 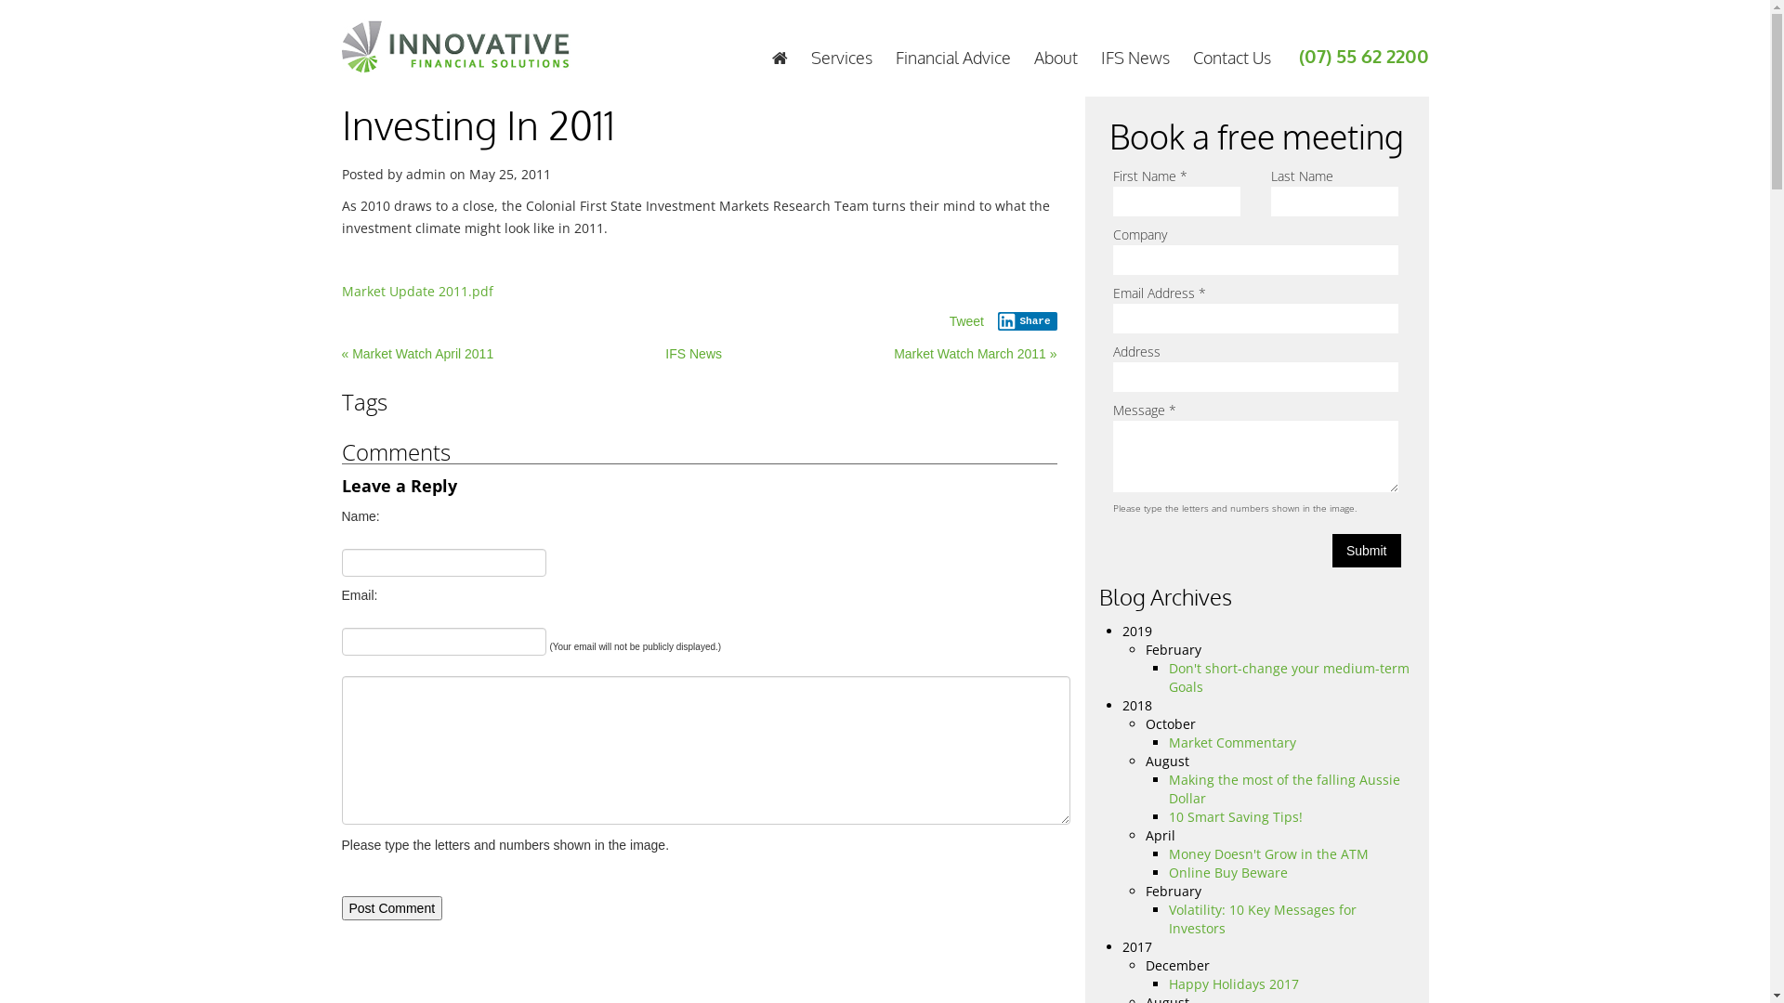 I want to click on '(07) 55 62 2200', so click(x=1364, y=55).